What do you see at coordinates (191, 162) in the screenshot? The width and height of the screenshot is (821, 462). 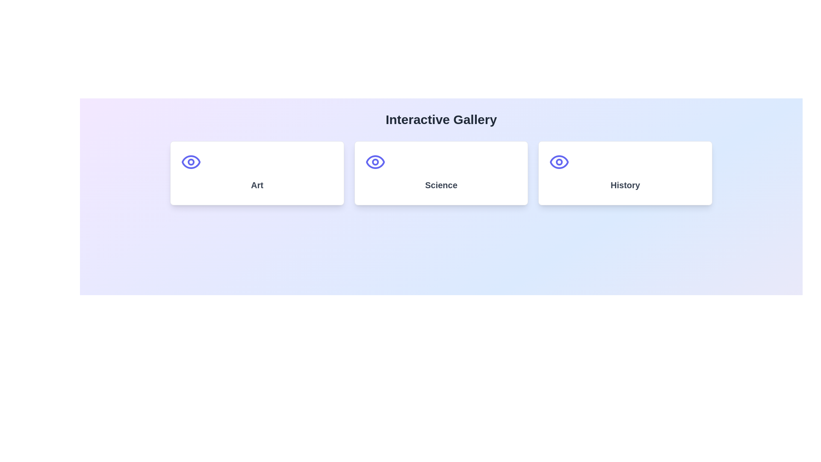 I see `the eye icon styled with a rounded stroke, located above the text 'Art' in the card-style layout` at bounding box center [191, 162].